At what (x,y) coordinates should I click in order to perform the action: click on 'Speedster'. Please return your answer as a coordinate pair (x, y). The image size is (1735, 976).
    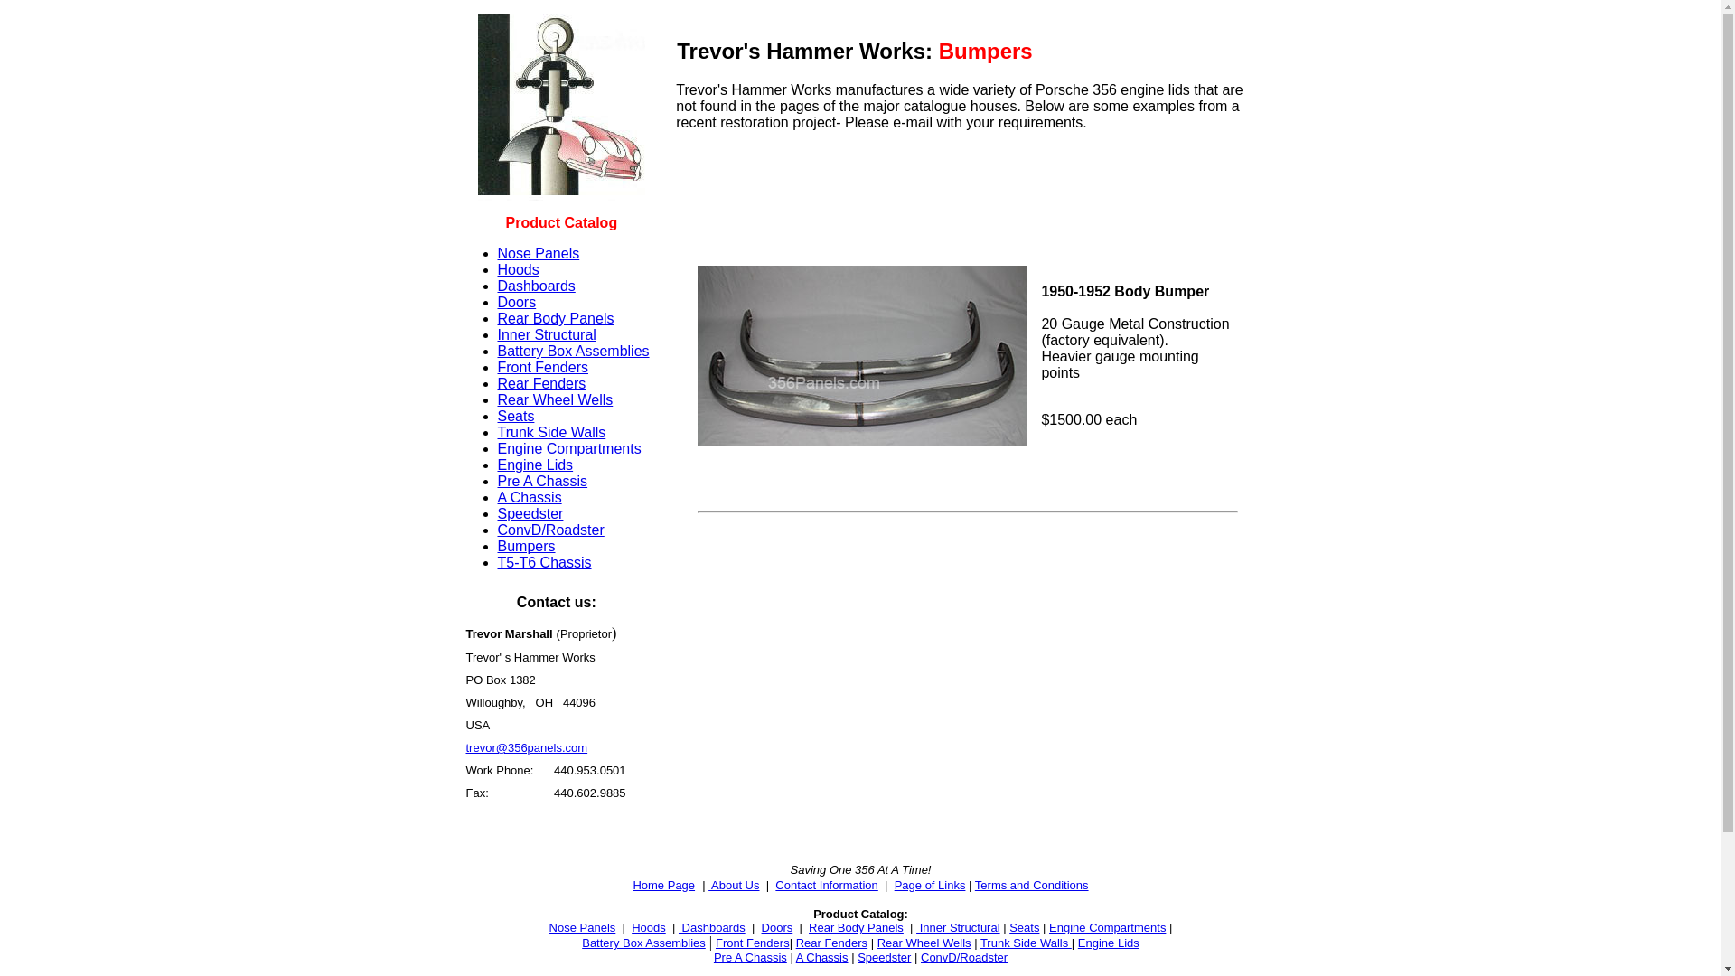
    Looking at the image, I should click on (884, 956).